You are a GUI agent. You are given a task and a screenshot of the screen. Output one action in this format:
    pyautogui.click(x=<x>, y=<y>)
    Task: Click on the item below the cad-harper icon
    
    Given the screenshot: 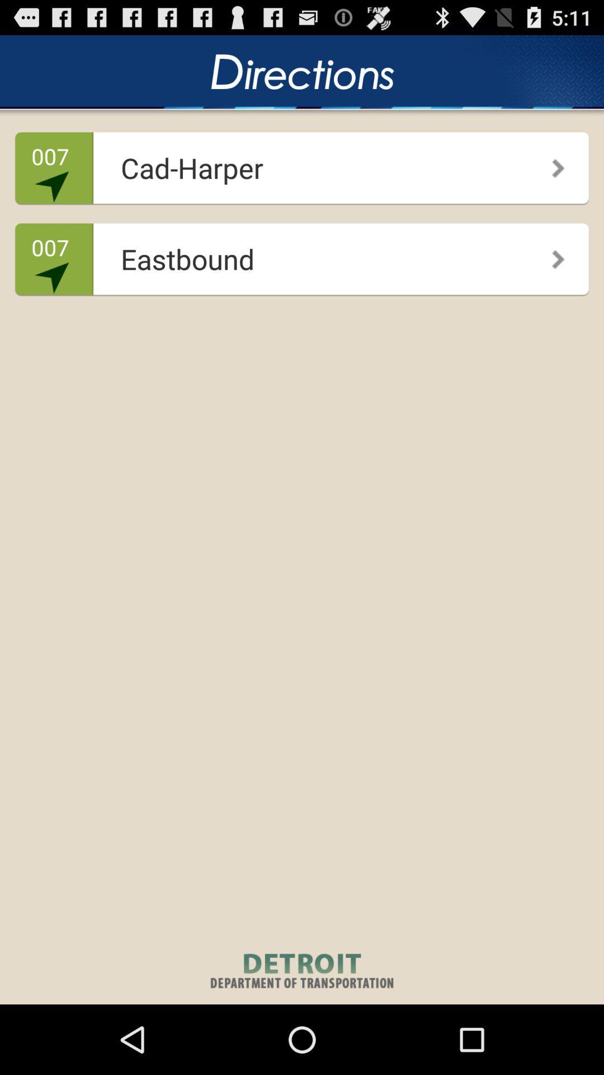 What is the action you would take?
    pyautogui.click(x=298, y=255)
    